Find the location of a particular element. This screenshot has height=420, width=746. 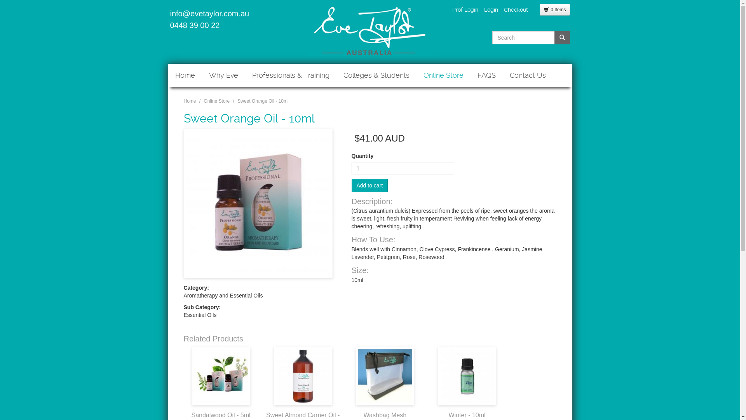

'Enter the terms you wish to search for.' is located at coordinates (523, 37).